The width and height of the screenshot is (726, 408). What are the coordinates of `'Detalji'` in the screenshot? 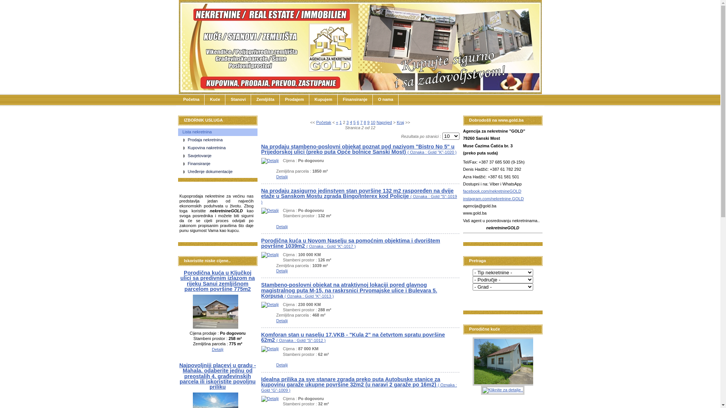 It's located at (261, 160).